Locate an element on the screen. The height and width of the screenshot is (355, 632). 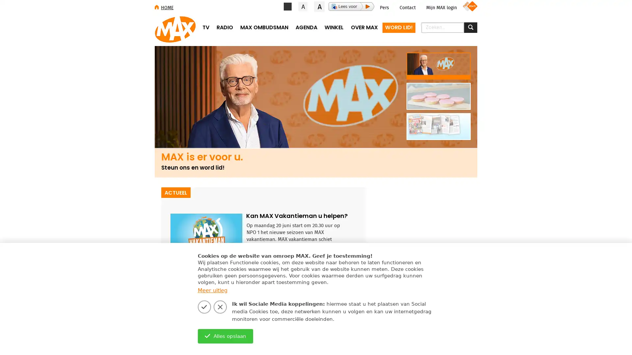
Alles opslaan is located at coordinates (225, 336).